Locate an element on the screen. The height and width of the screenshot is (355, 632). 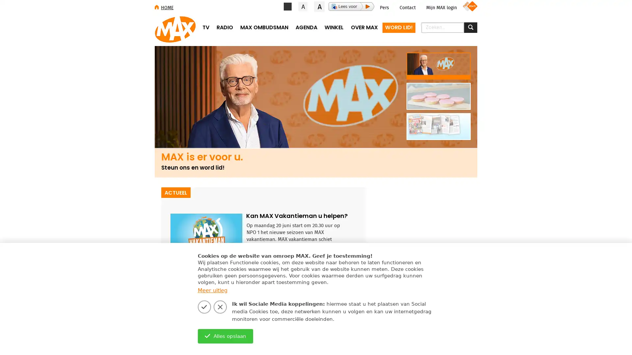
Alles opslaan is located at coordinates (225, 336).